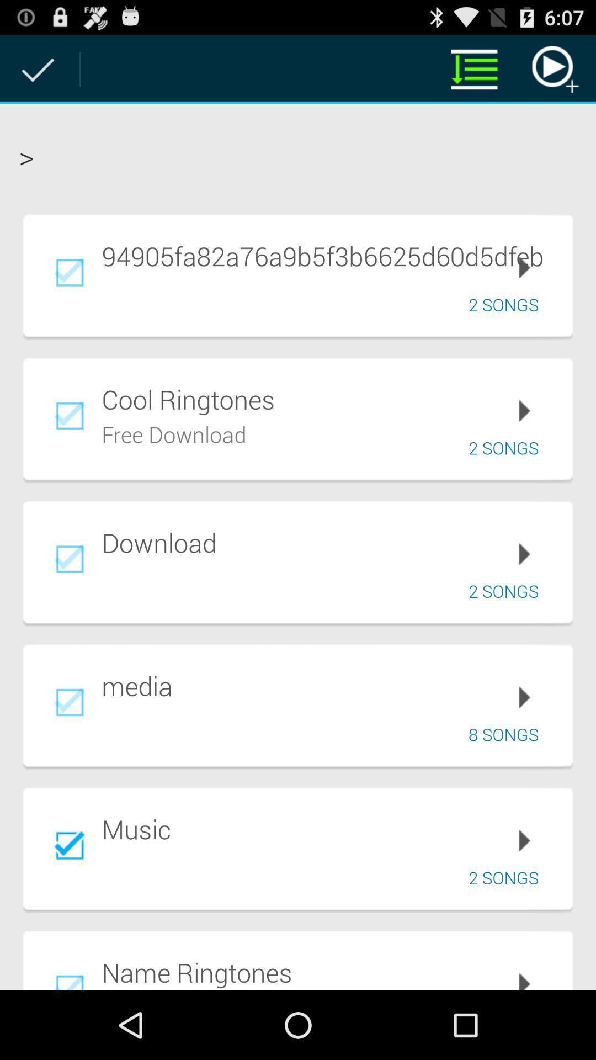 The image size is (596, 1060). Describe the element at coordinates (329, 829) in the screenshot. I see `the music icon` at that location.